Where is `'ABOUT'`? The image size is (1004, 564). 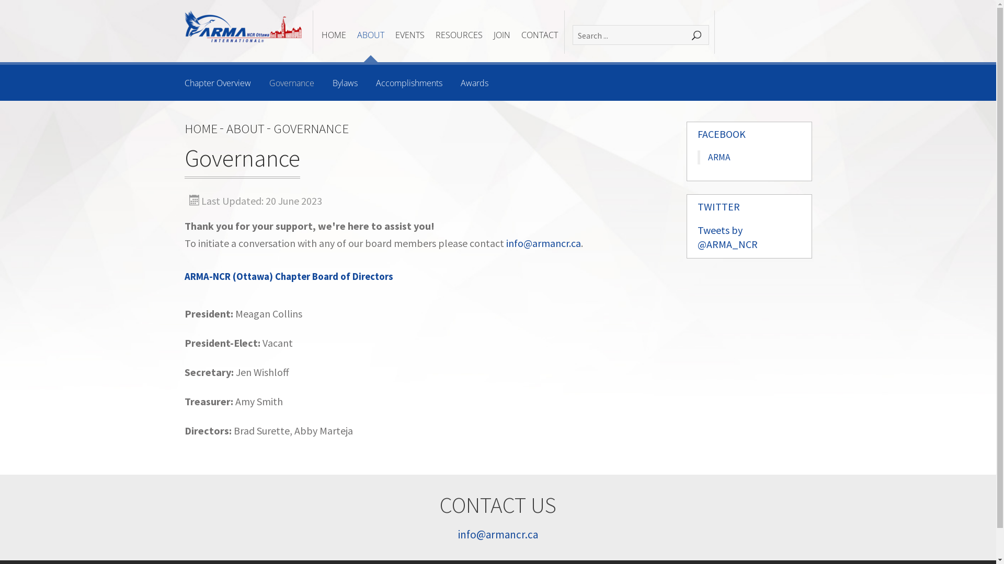 'ABOUT' is located at coordinates (244, 128).